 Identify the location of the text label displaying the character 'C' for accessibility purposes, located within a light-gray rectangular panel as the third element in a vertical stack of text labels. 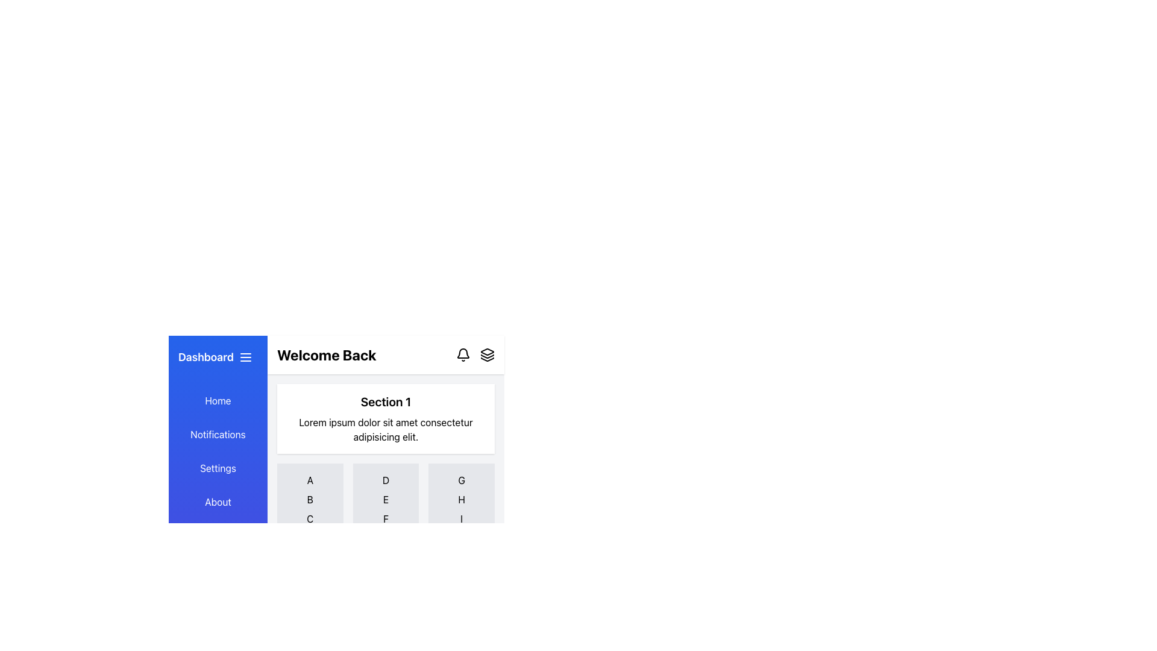
(310, 518).